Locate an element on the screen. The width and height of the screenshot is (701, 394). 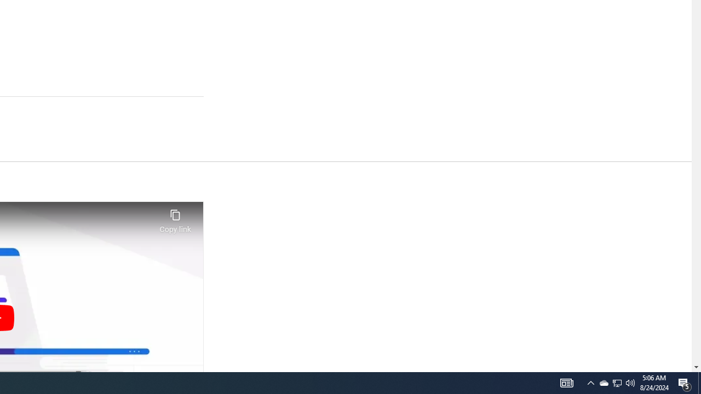
'Copy link' is located at coordinates (175, 218).